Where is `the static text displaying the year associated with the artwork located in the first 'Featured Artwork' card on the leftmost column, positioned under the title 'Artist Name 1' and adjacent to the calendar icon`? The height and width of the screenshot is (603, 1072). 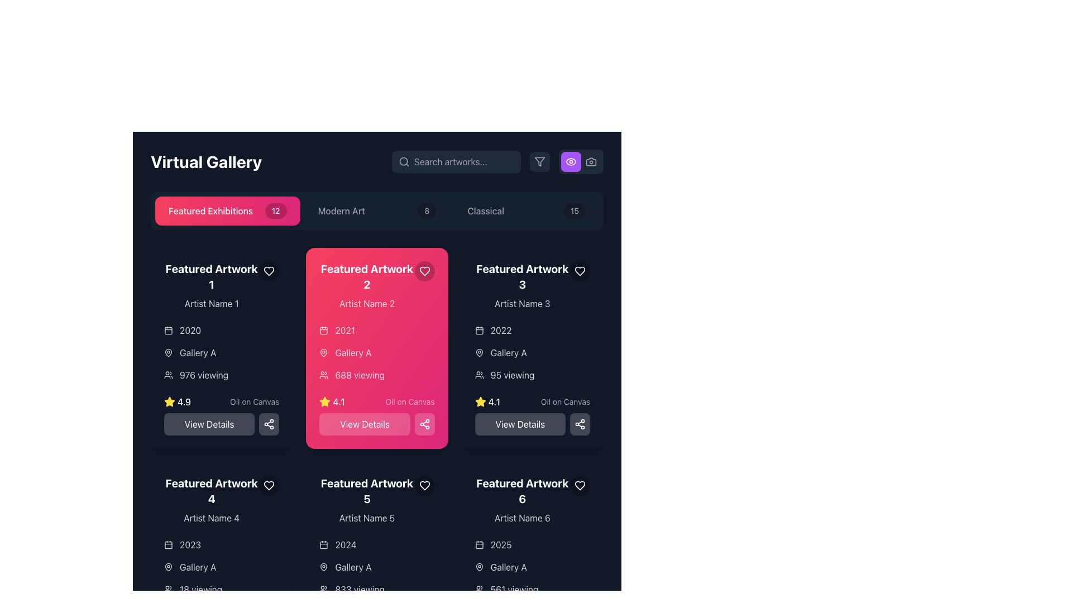 the static text displaying the year associated with the artwork located in the first 'Featured Artwork' card on the leftmost column, positioned under the title 'Artist Name 1' and adjacent to the calendar icon is located at coordinates (190, 329).